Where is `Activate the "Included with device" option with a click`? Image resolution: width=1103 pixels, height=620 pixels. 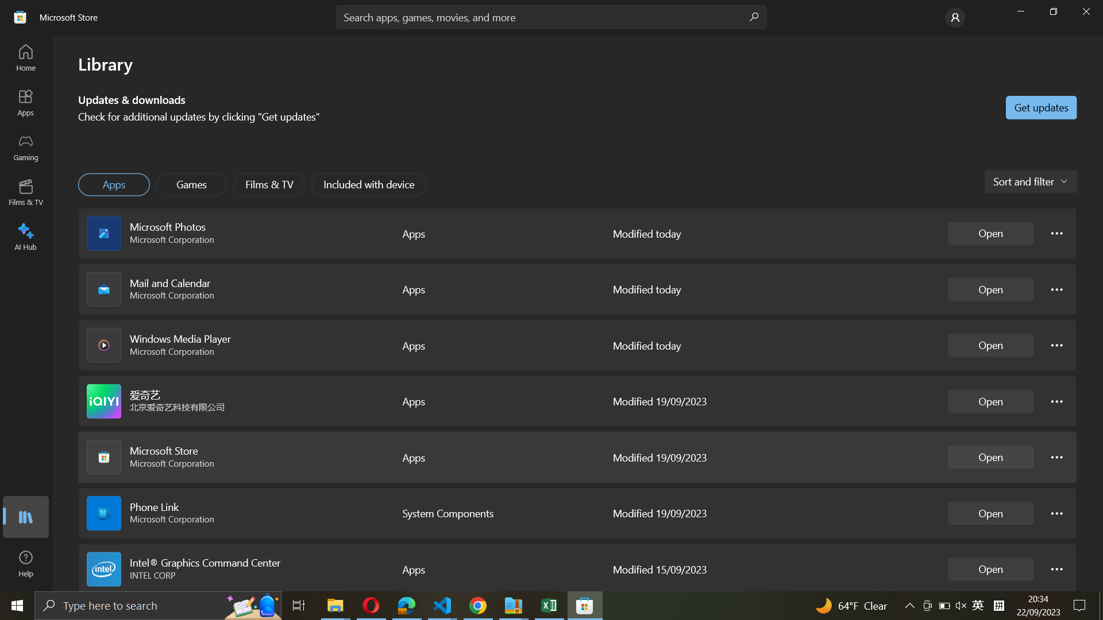
Activate the "Included with device" option with a click is located at coordinates (370, 183).